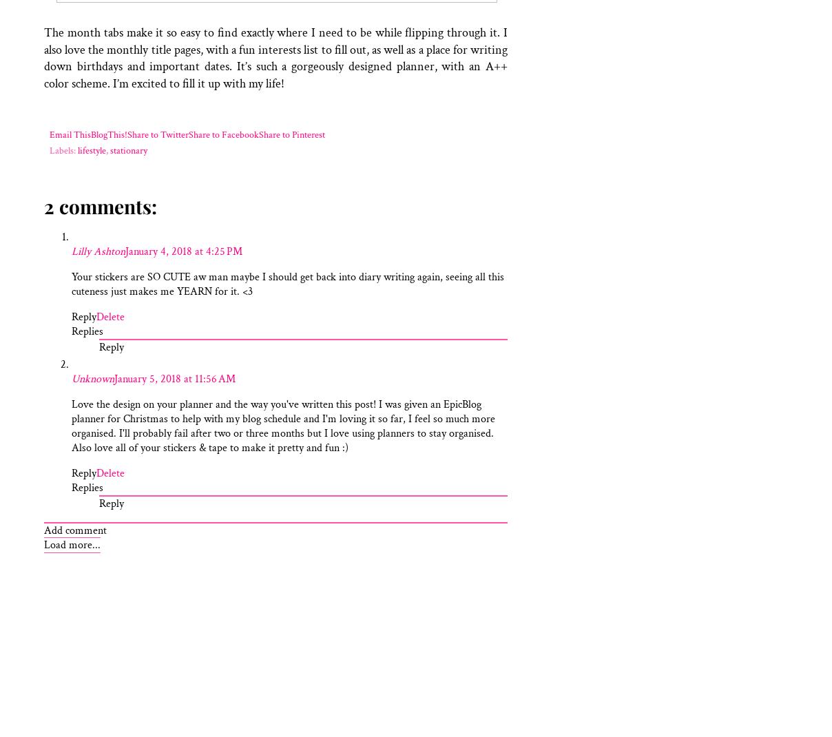 The image size is (832, 737). Describe the element at coordinates (71, 251) in the screenshot. I see `'Lilly Ashton'` at that location.